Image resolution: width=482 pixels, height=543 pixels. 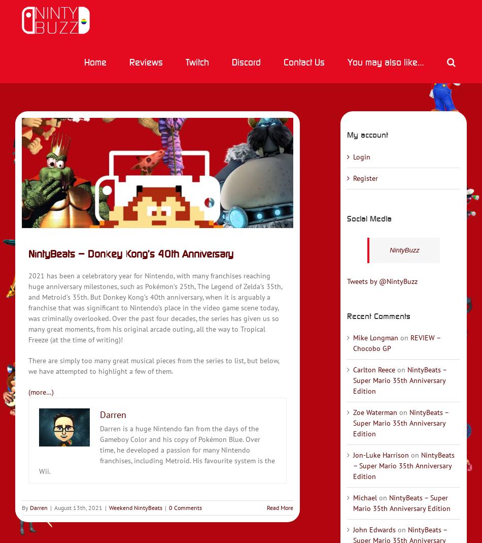 I want to click on 'Social Media', so click(x=368, y=217).